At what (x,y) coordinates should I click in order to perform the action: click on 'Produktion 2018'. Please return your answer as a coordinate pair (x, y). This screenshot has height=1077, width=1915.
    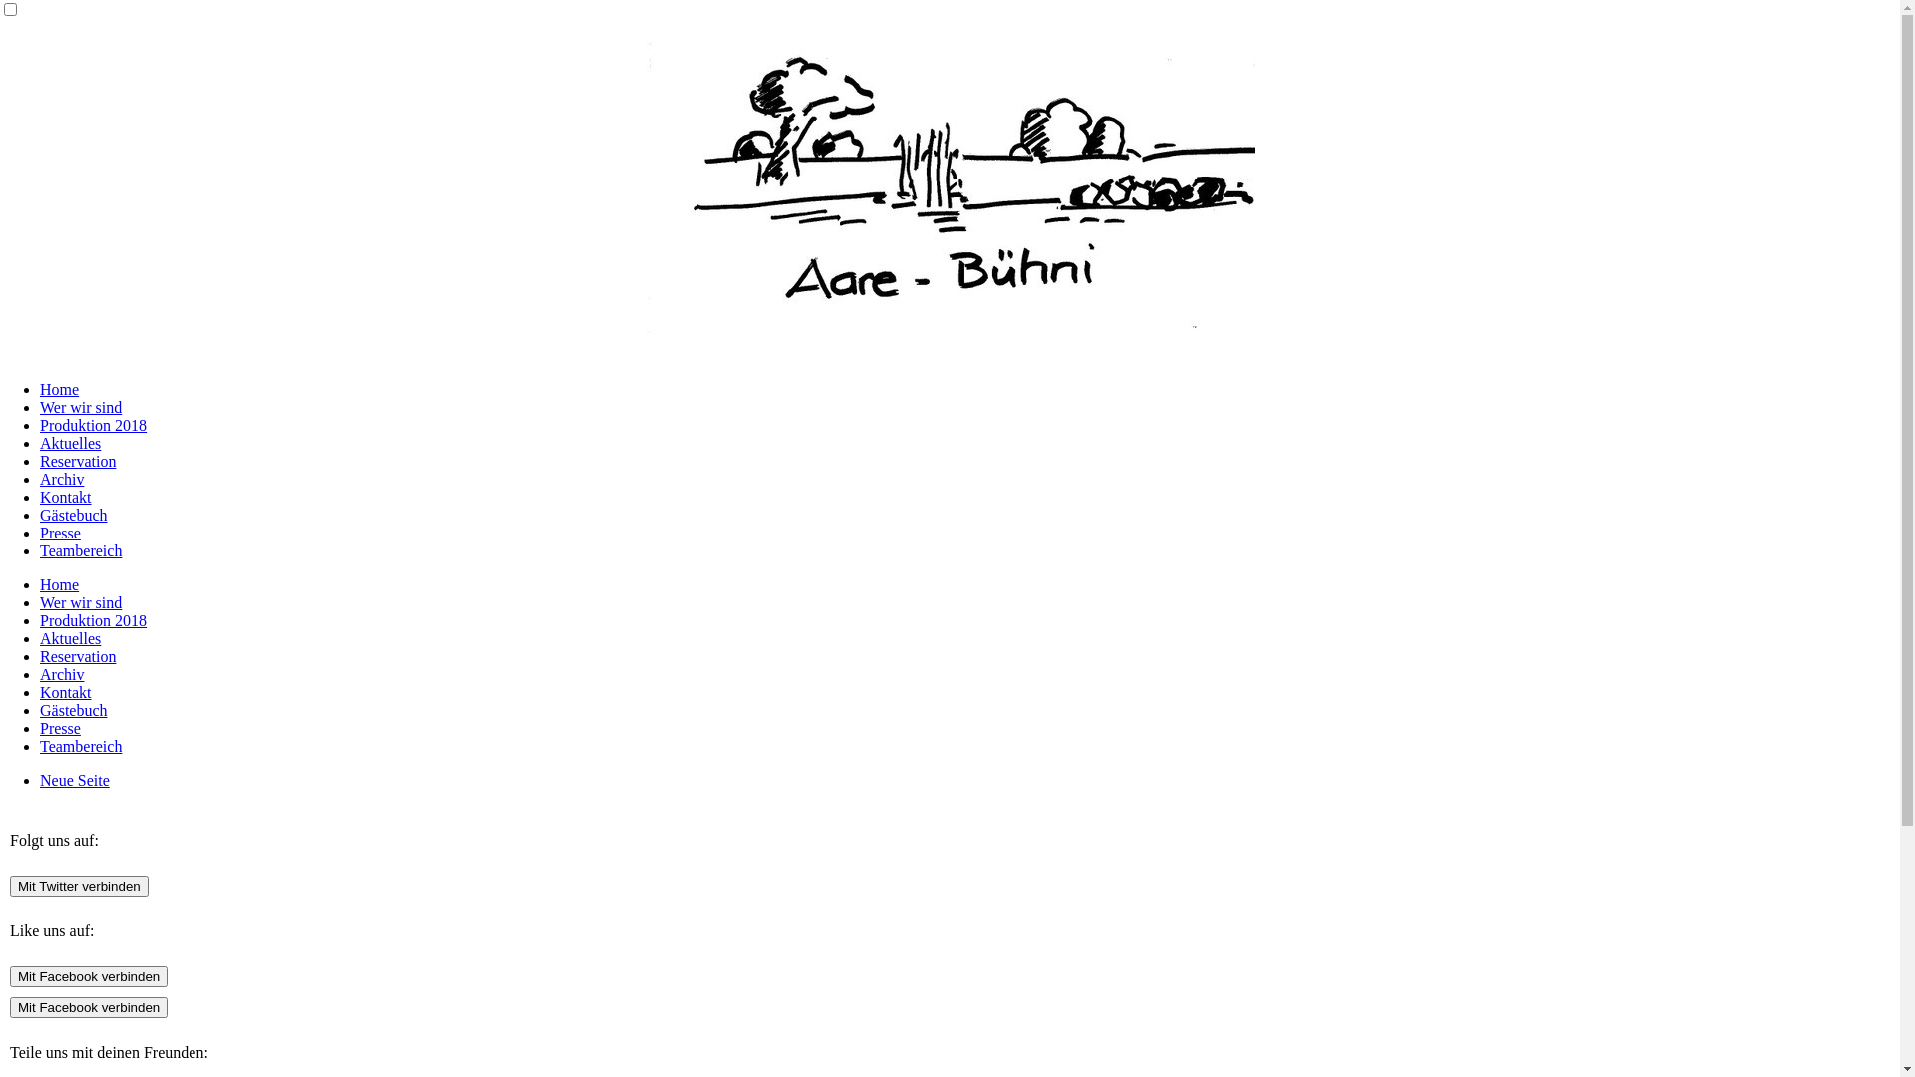
    Looking at the image, I should click on (92, 424).